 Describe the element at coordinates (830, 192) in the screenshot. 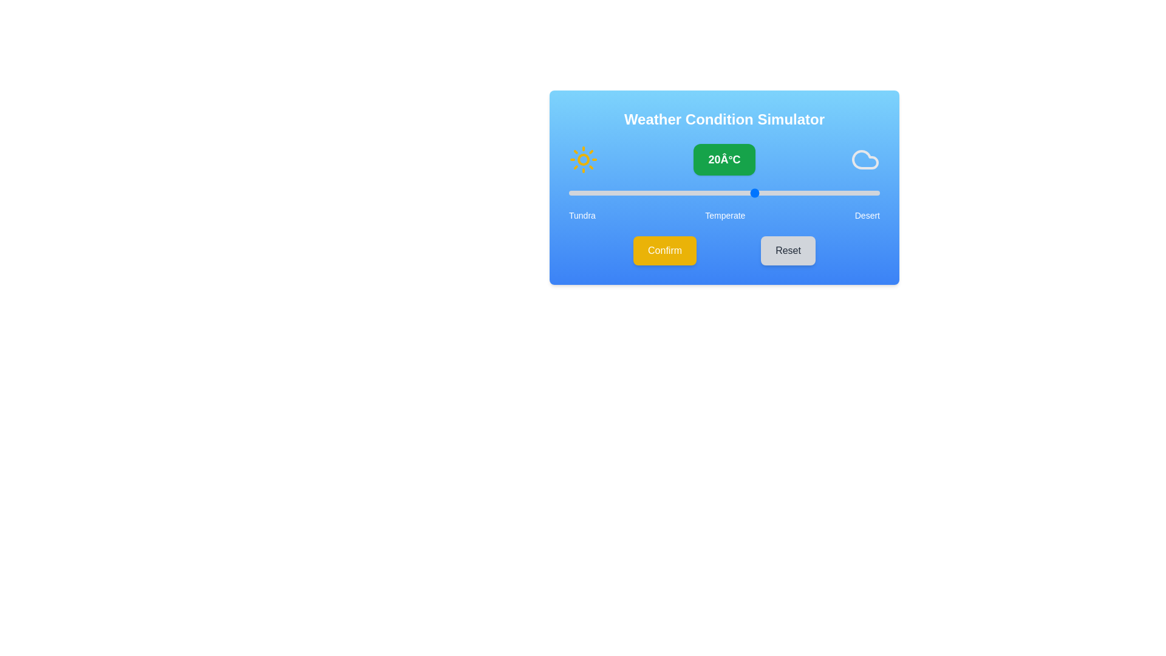

I see `the slider to set the temperature to 32°C` at that location.